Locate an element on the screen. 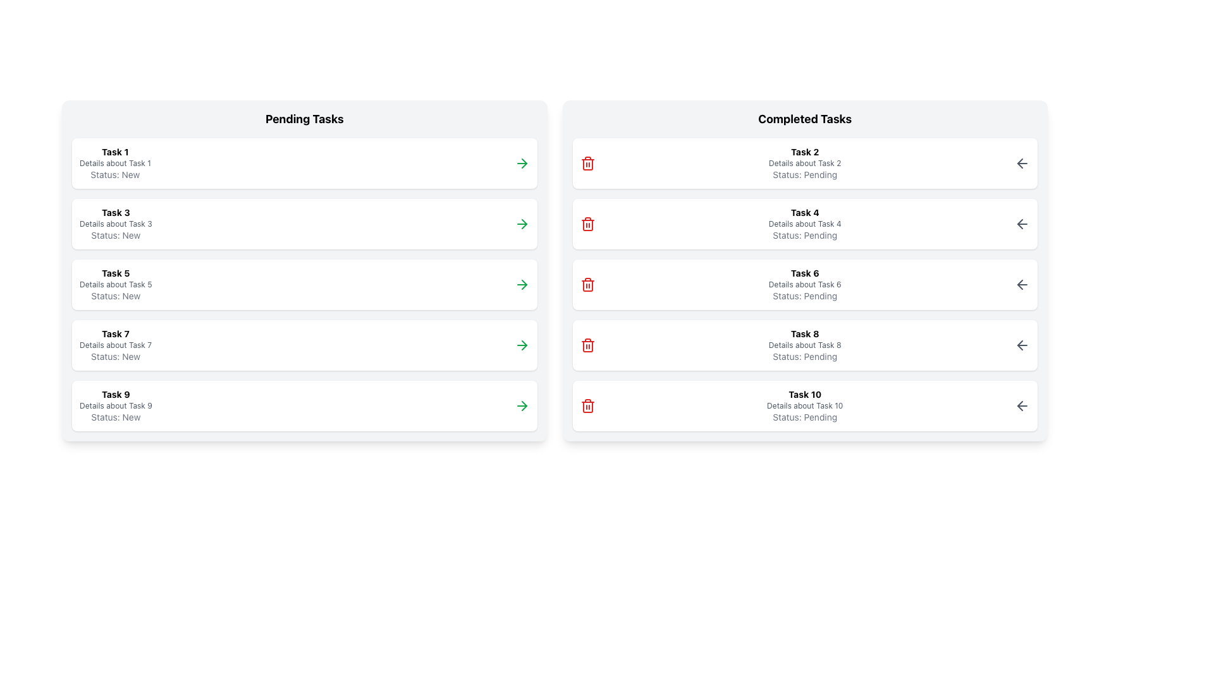 This screenshot has height=682, width=1214. the rightward-pointing green arrow icon located at the far right of the task card labeled 'Task 9' to proceed to the next step or details is located at coordinates (522, 406).